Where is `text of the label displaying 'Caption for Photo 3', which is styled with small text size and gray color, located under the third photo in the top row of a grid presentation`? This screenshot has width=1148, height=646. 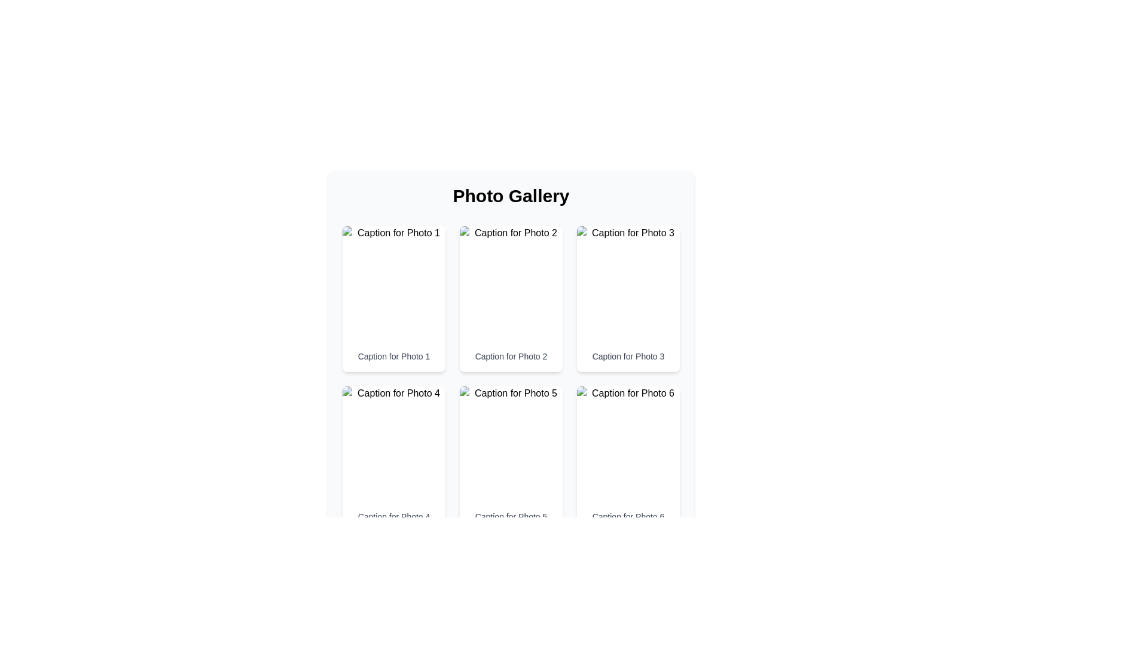 text of the label displaying 'Caption for Photo 3', which is styled with small text size and gray color, located under the third photo in the top row of a grid presentation is located at coordinates (628, 356).